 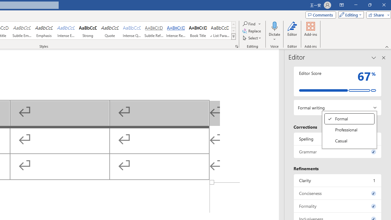 What do you see at coordinates (349, 14) in the screenshot?
I see `'Editing'` at bounding box center [349, 14].